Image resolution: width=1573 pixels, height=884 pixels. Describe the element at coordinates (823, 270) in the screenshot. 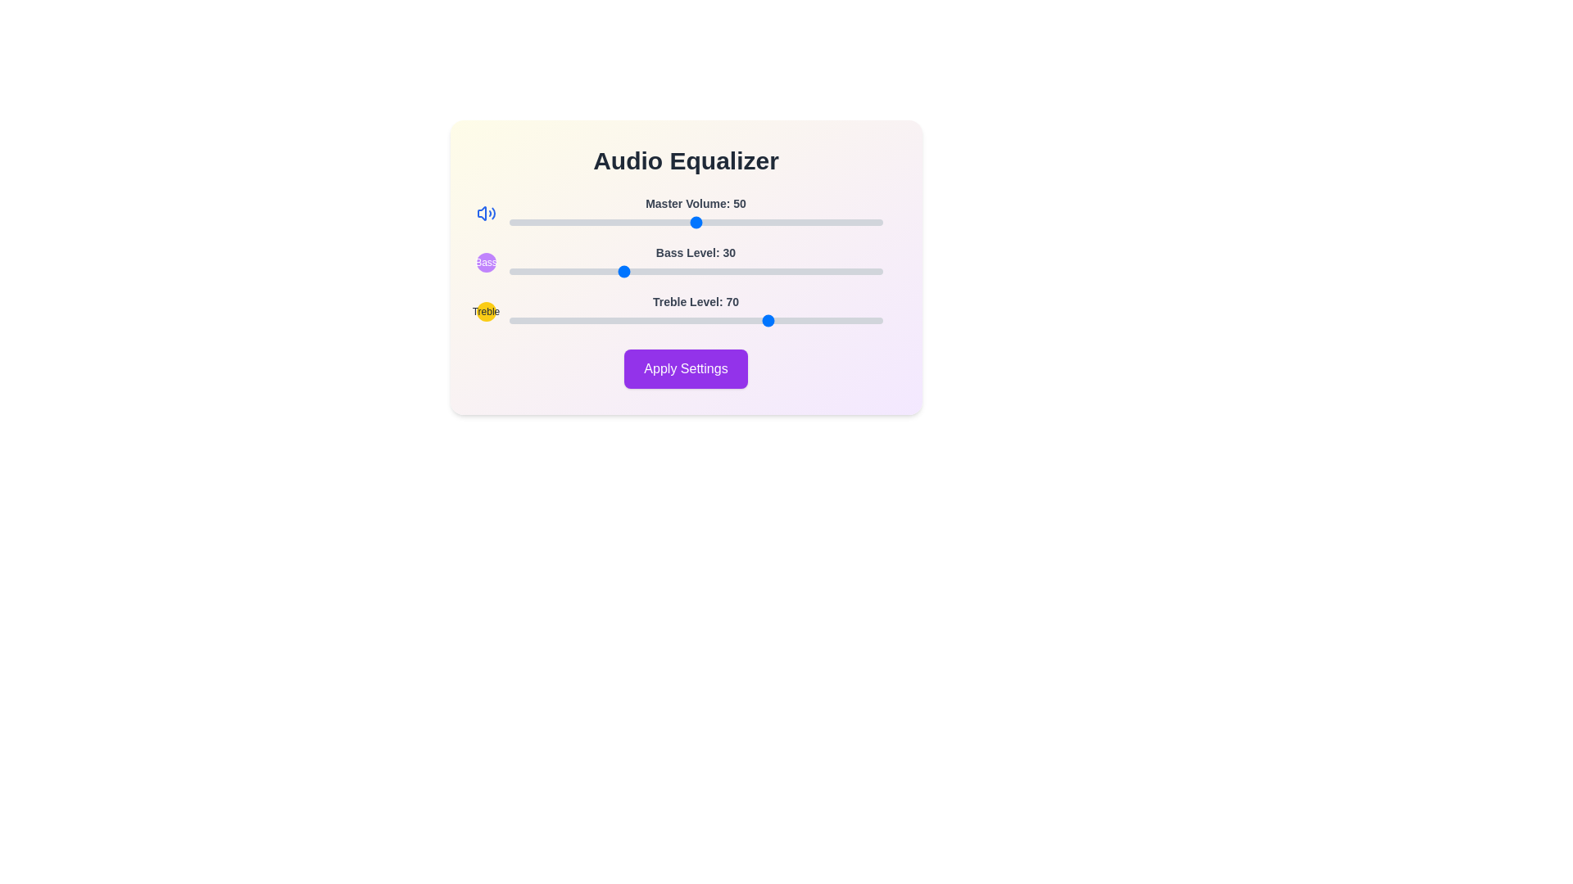

I see `bass level` at that location.